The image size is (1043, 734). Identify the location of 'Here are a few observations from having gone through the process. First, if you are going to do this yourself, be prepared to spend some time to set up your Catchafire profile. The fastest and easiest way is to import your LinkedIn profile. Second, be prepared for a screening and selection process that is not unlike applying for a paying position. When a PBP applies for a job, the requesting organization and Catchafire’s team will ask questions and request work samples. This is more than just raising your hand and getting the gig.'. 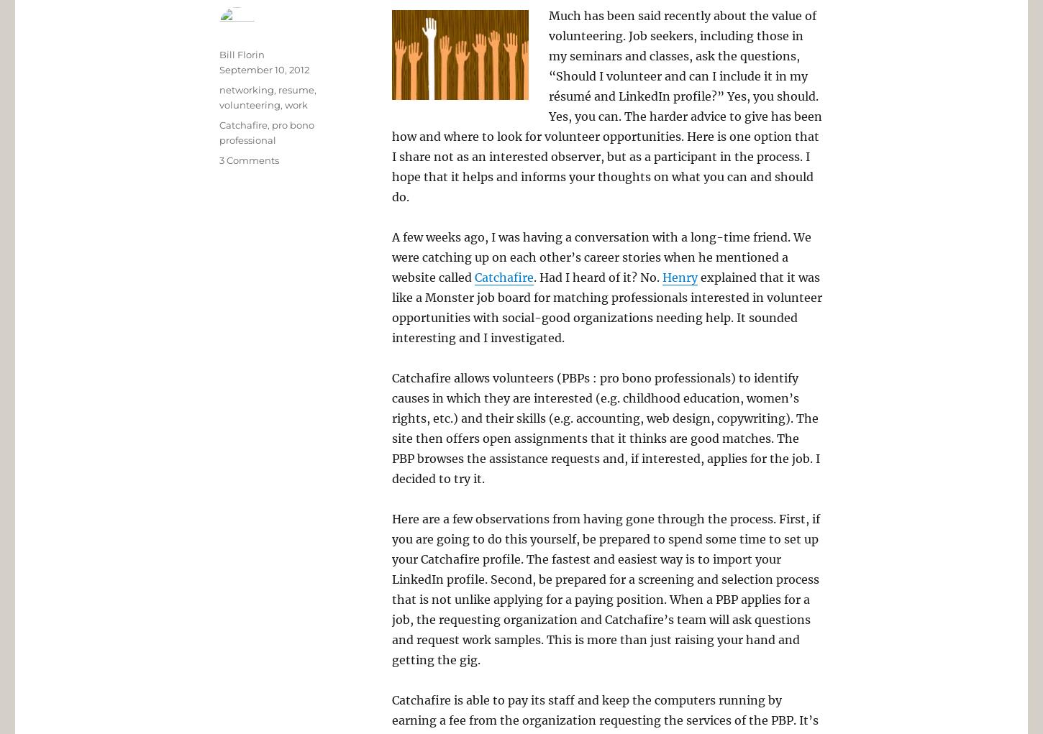
(606, 588).